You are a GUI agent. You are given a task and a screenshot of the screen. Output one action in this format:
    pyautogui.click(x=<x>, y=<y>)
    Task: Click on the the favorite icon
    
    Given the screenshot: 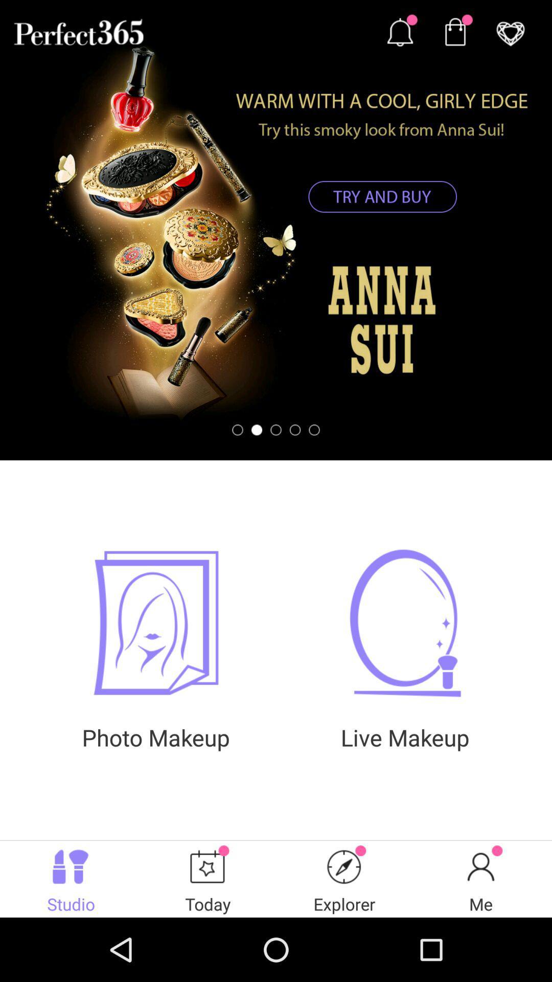 What is the action you would take?
    pyautogui.click(x=510, y=34)
    